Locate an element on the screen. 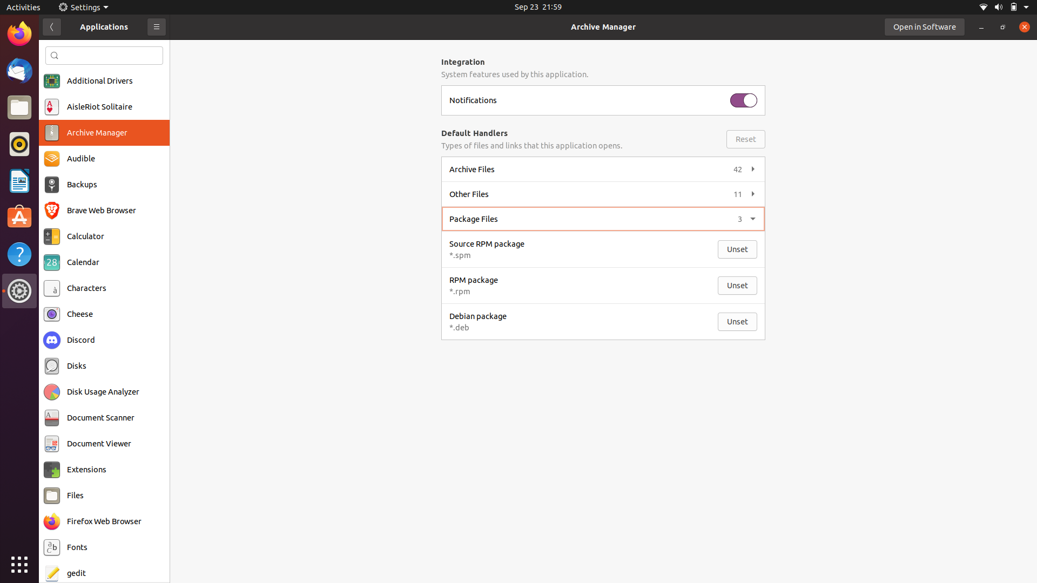 The height and width of the screenshot is (583, 1037). files through the search function is located at coordinates (104, 55).